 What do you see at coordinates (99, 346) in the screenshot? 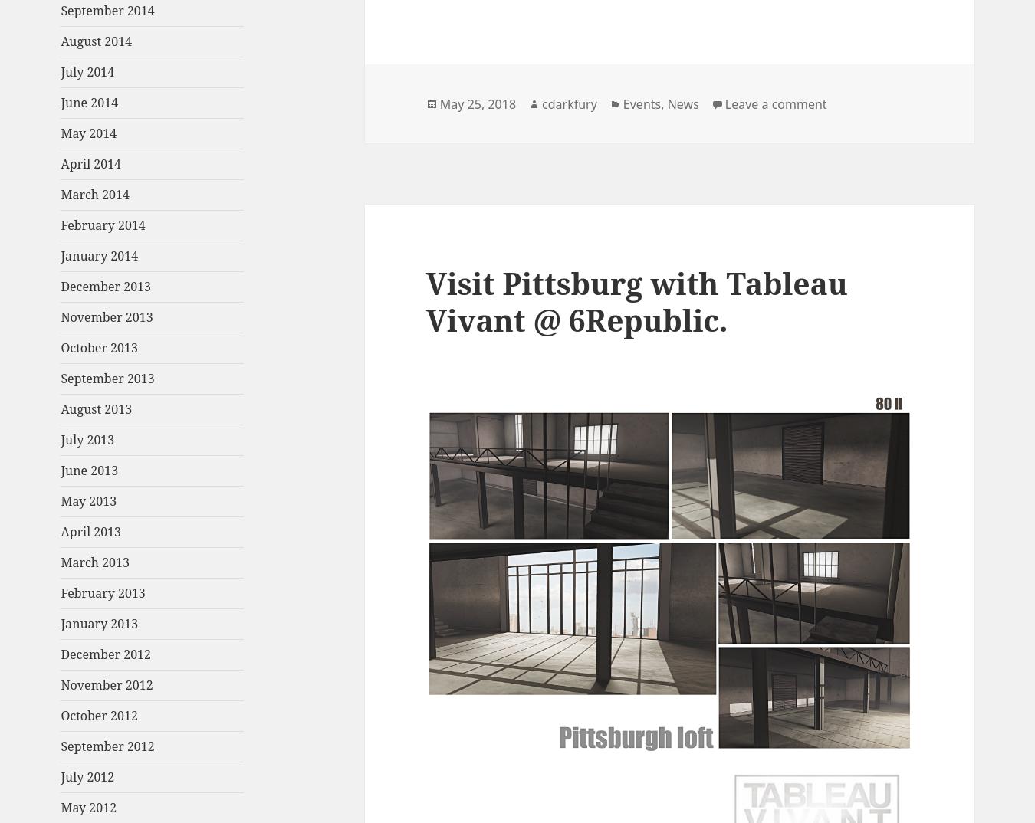
I see `'October 2013'` at bounding box center [99, 346].